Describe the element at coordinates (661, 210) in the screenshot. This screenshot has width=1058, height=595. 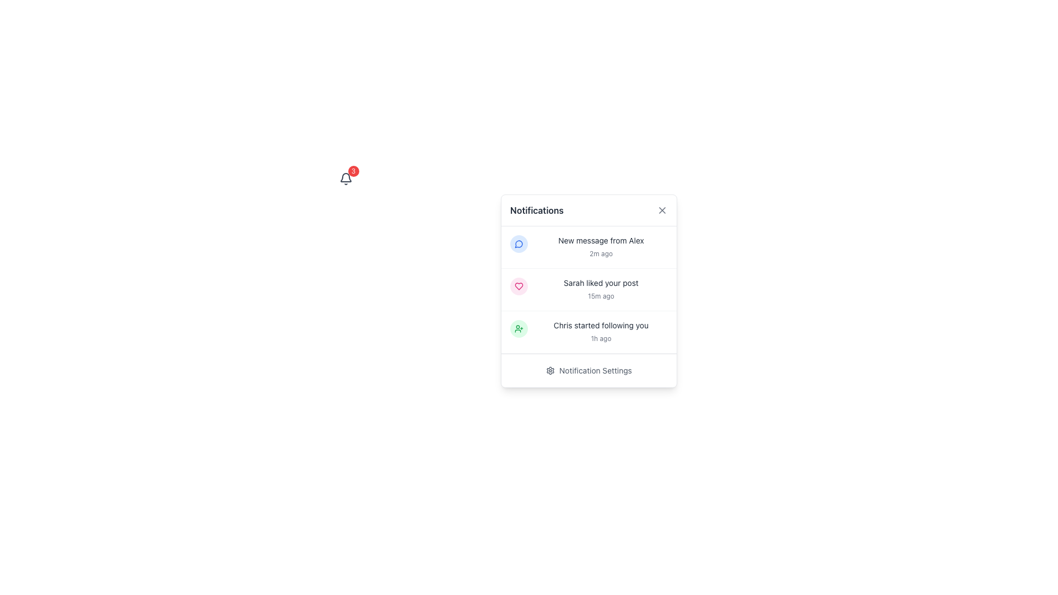
I see `the button in the top-right corner of the notification panel, which has an 'aria-label' attribute stating 'Close notifications', to observe the color change` at that location.